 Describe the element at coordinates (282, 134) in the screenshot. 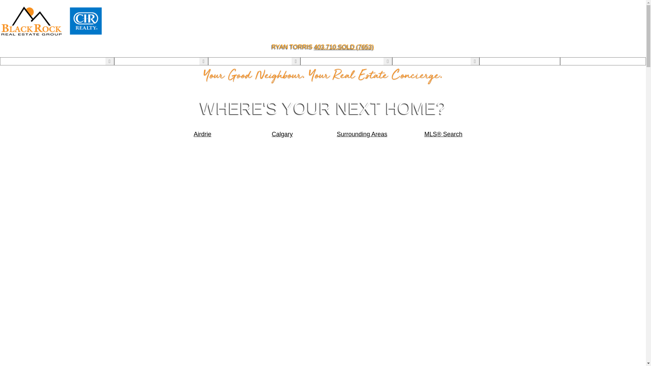

I see `'Calgary'` at that location.